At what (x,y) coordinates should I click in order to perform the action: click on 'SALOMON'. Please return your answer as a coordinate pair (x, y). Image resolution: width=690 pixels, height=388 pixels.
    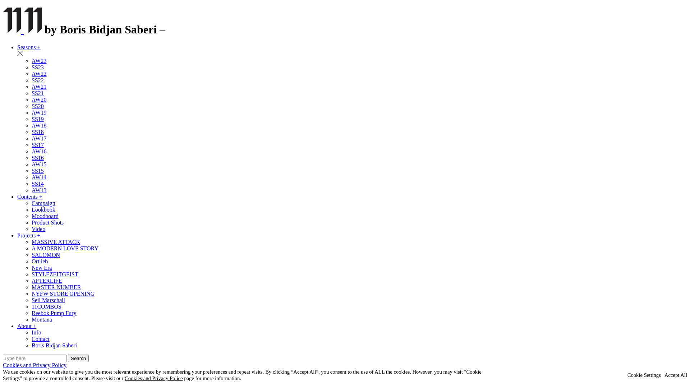
    Looking at the image, I should click on (31, 254).